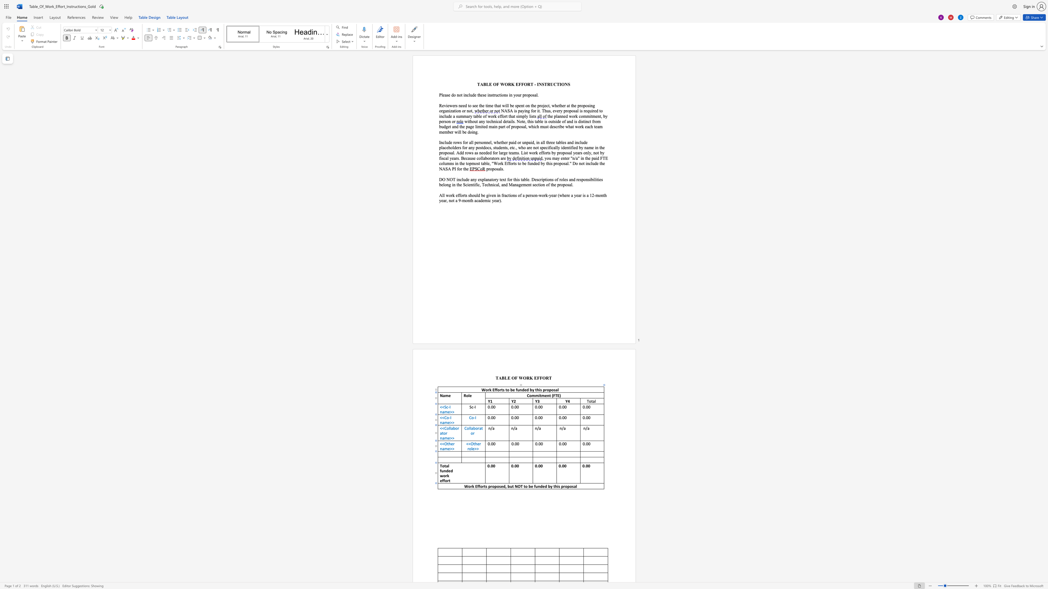  Describe the element at coordinates (502, 486) in the screenshot. I see `the 1th character "e" in the text` at that location.